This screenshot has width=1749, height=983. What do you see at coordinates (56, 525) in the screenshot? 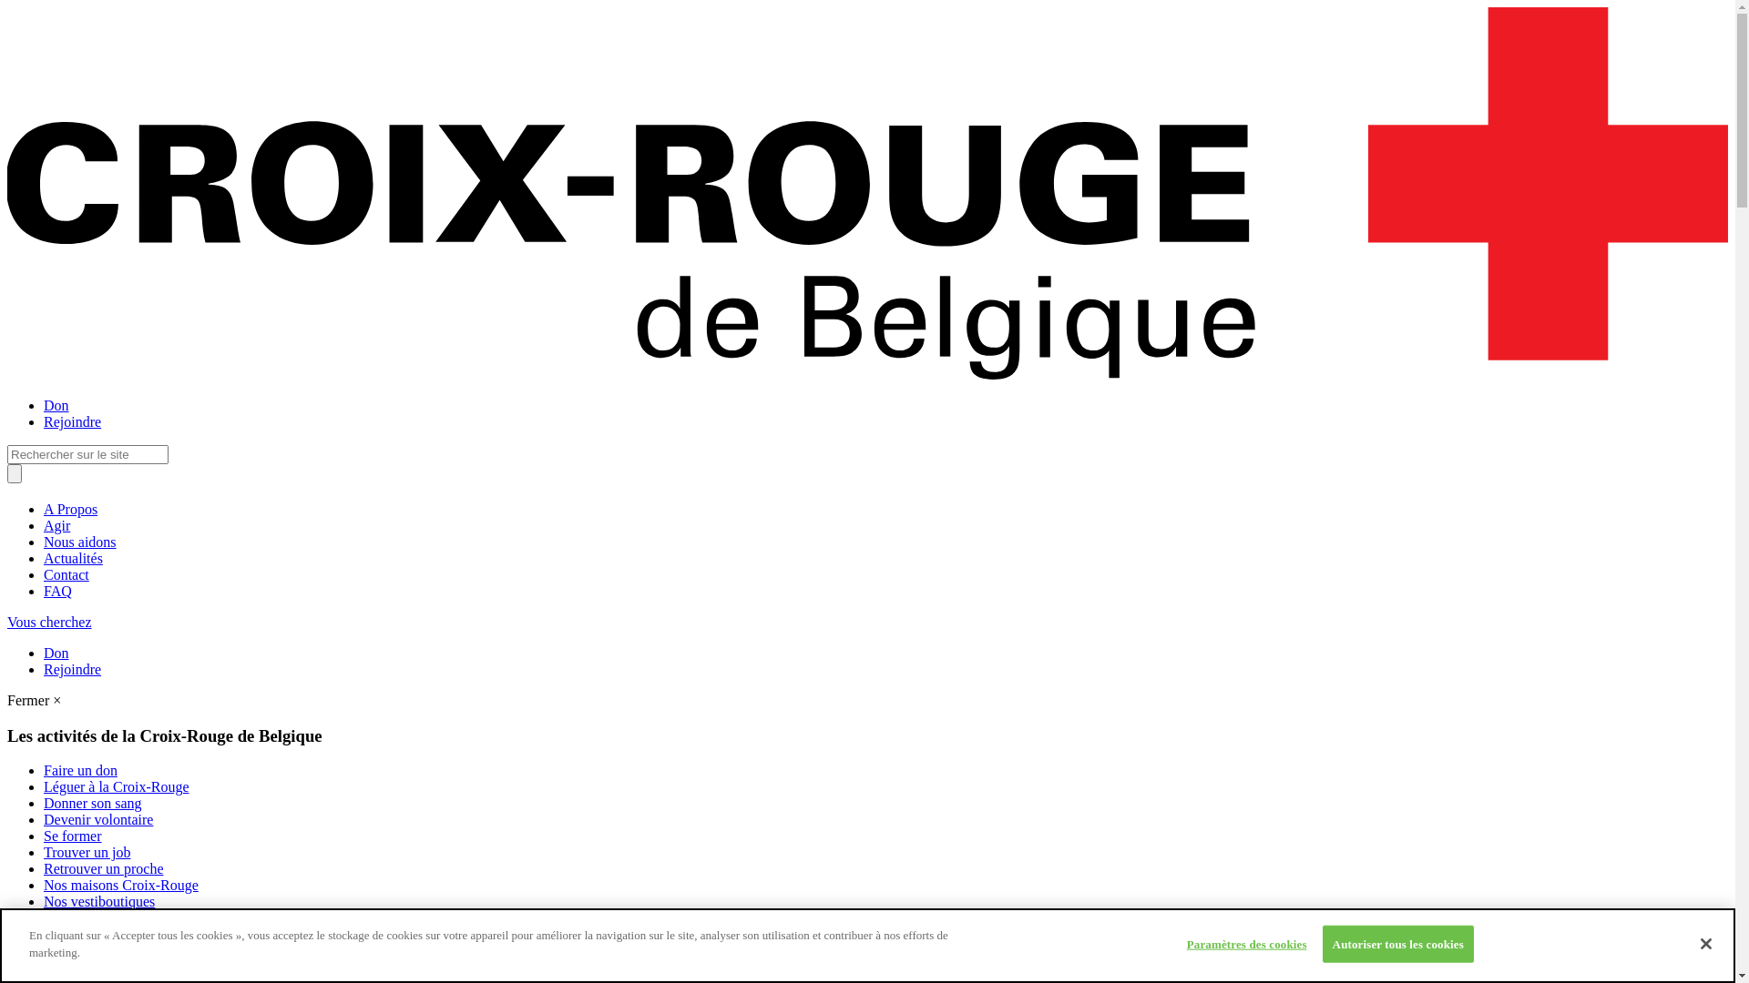
I see `'Agir'` at bounding box center [56, 525].